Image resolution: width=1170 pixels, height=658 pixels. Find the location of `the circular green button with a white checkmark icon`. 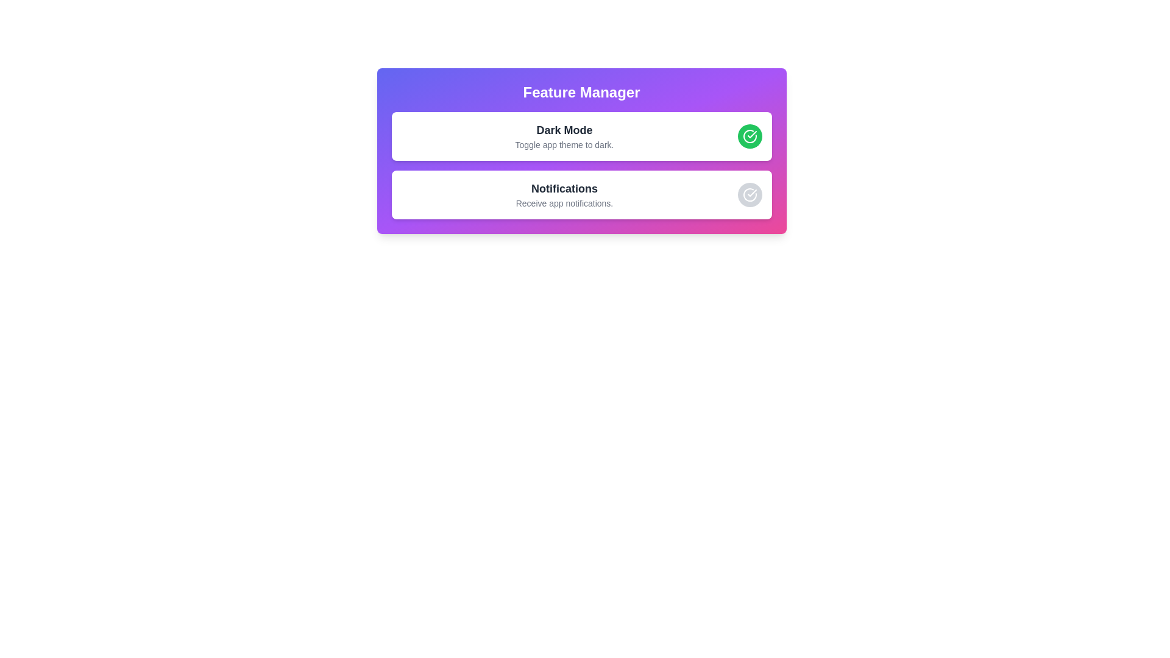

the circular green button with a white checkmark icon is located at coordinates (749, 136).